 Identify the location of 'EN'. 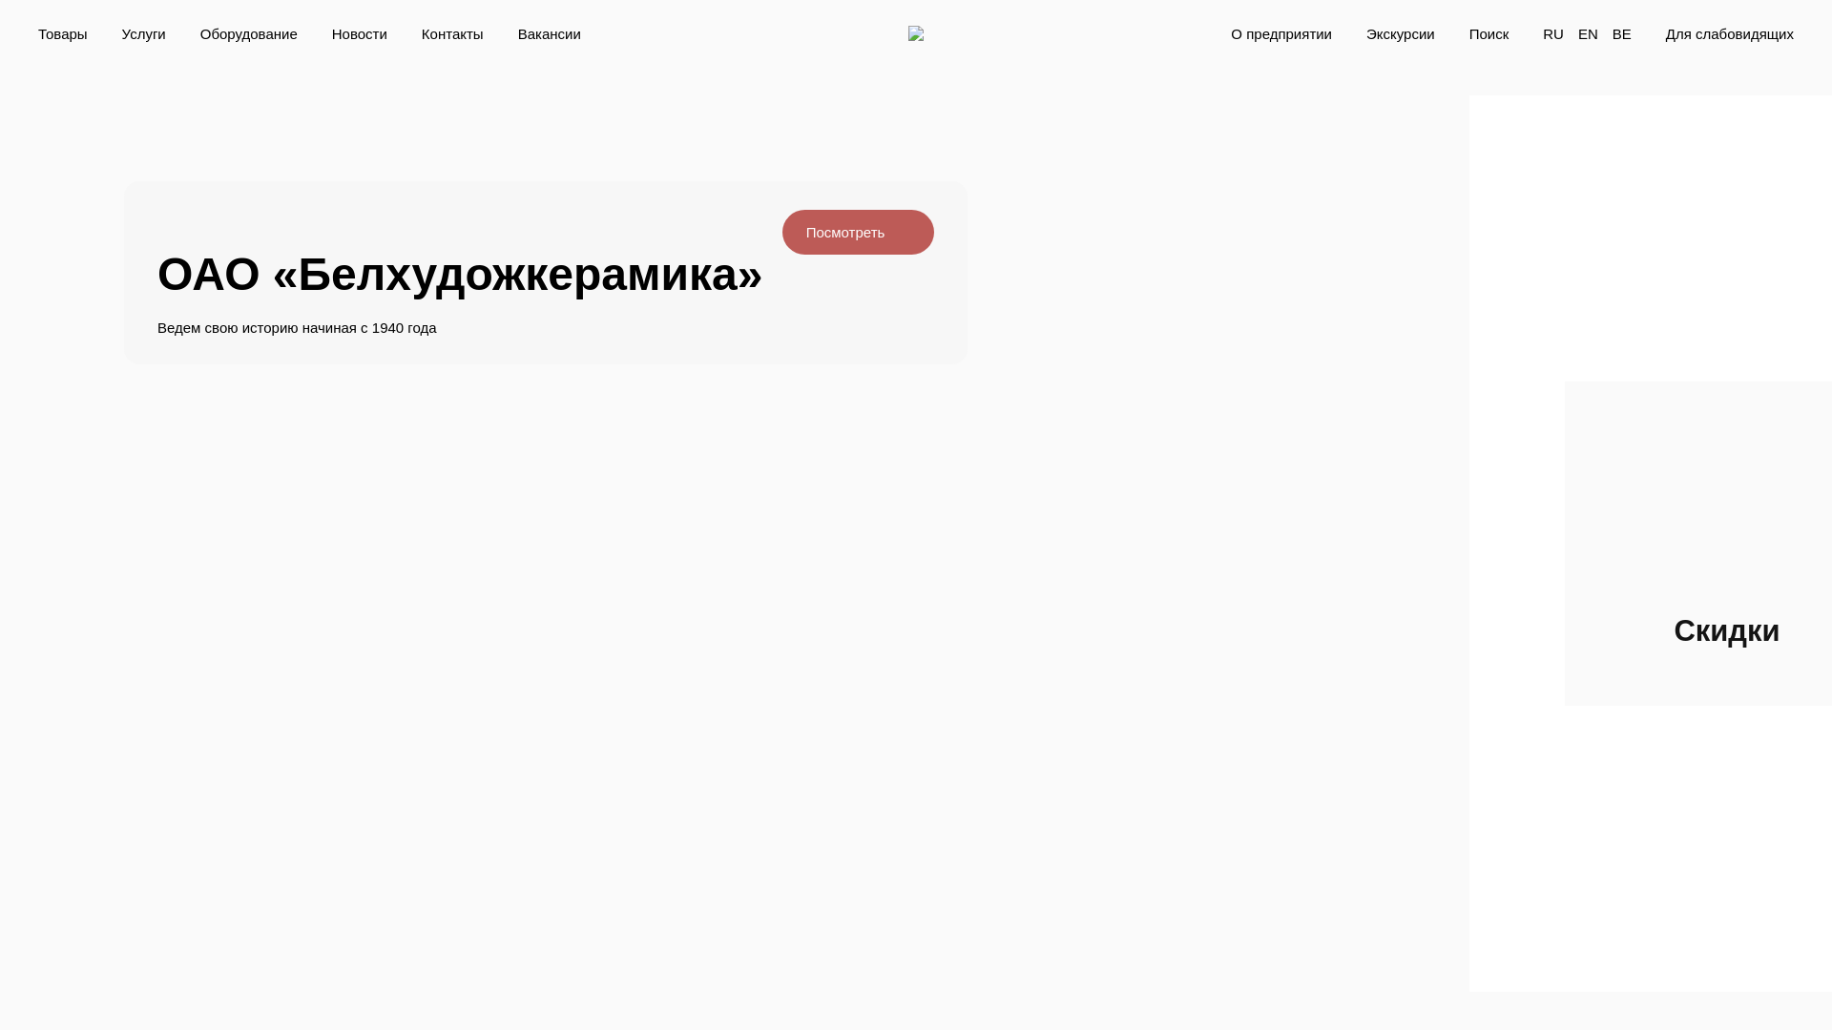
(1588, 32).